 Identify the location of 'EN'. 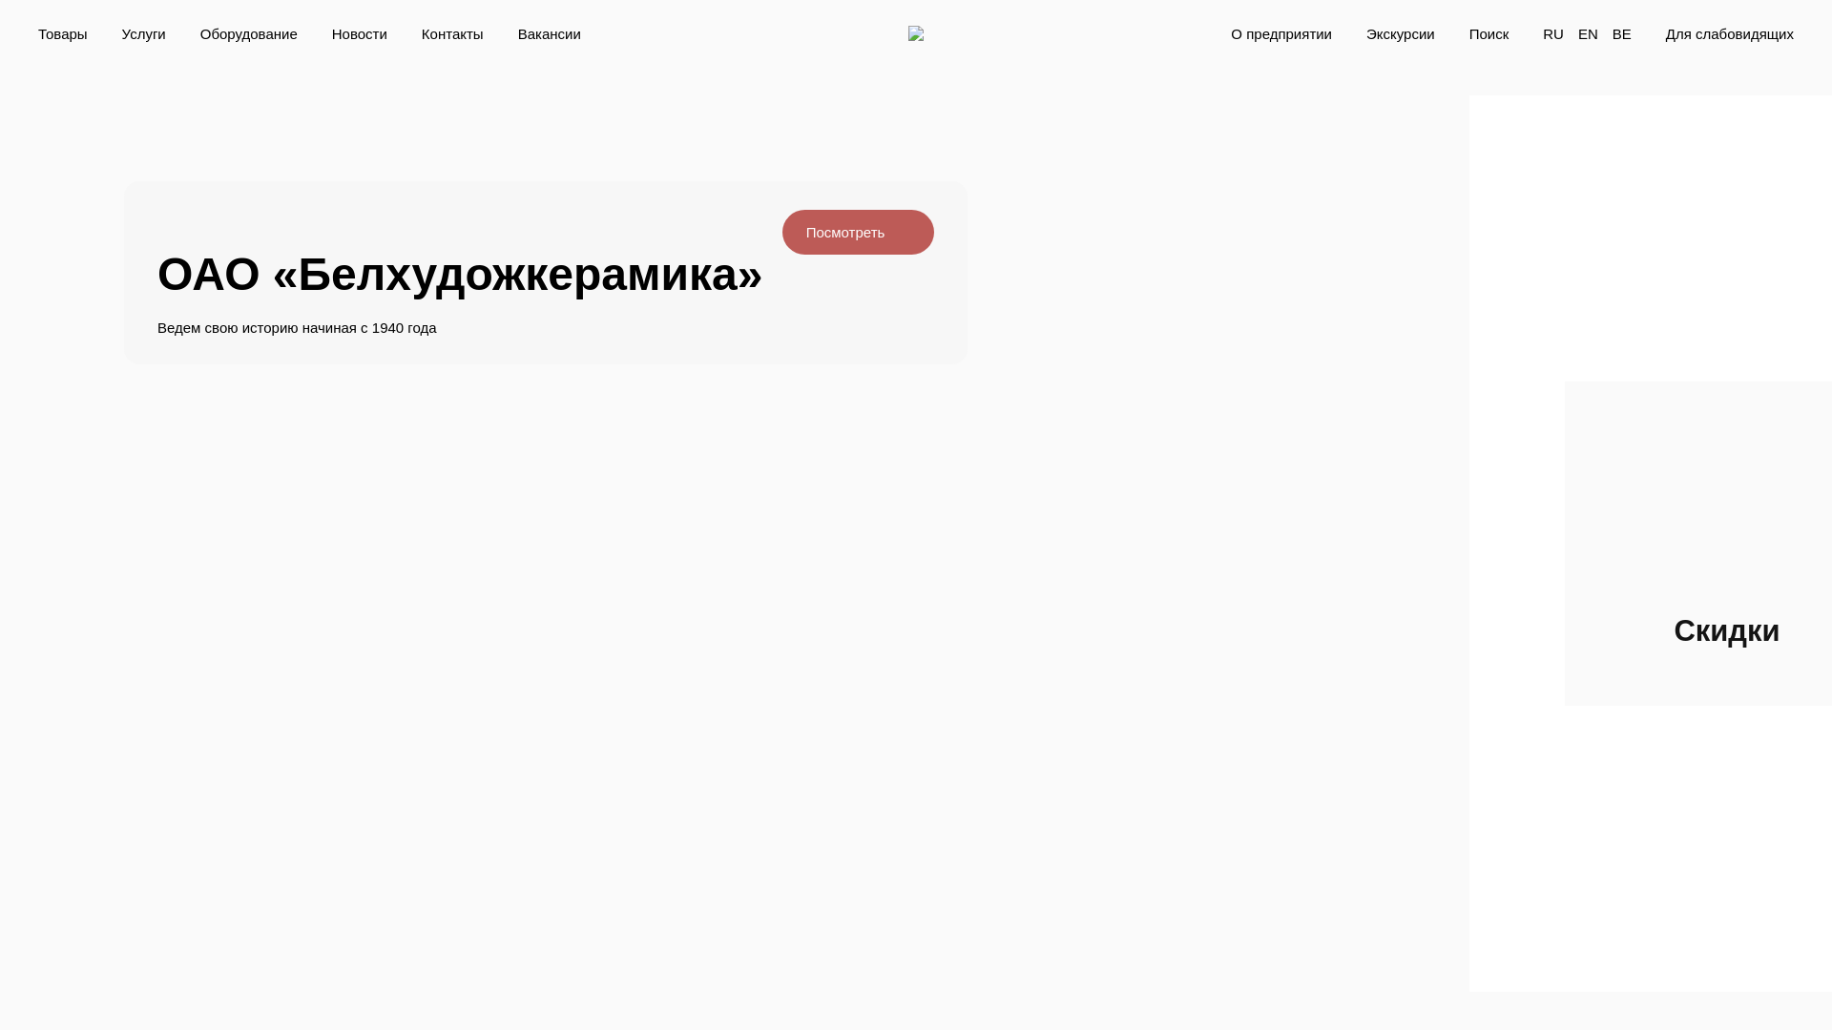
(1588, 32).